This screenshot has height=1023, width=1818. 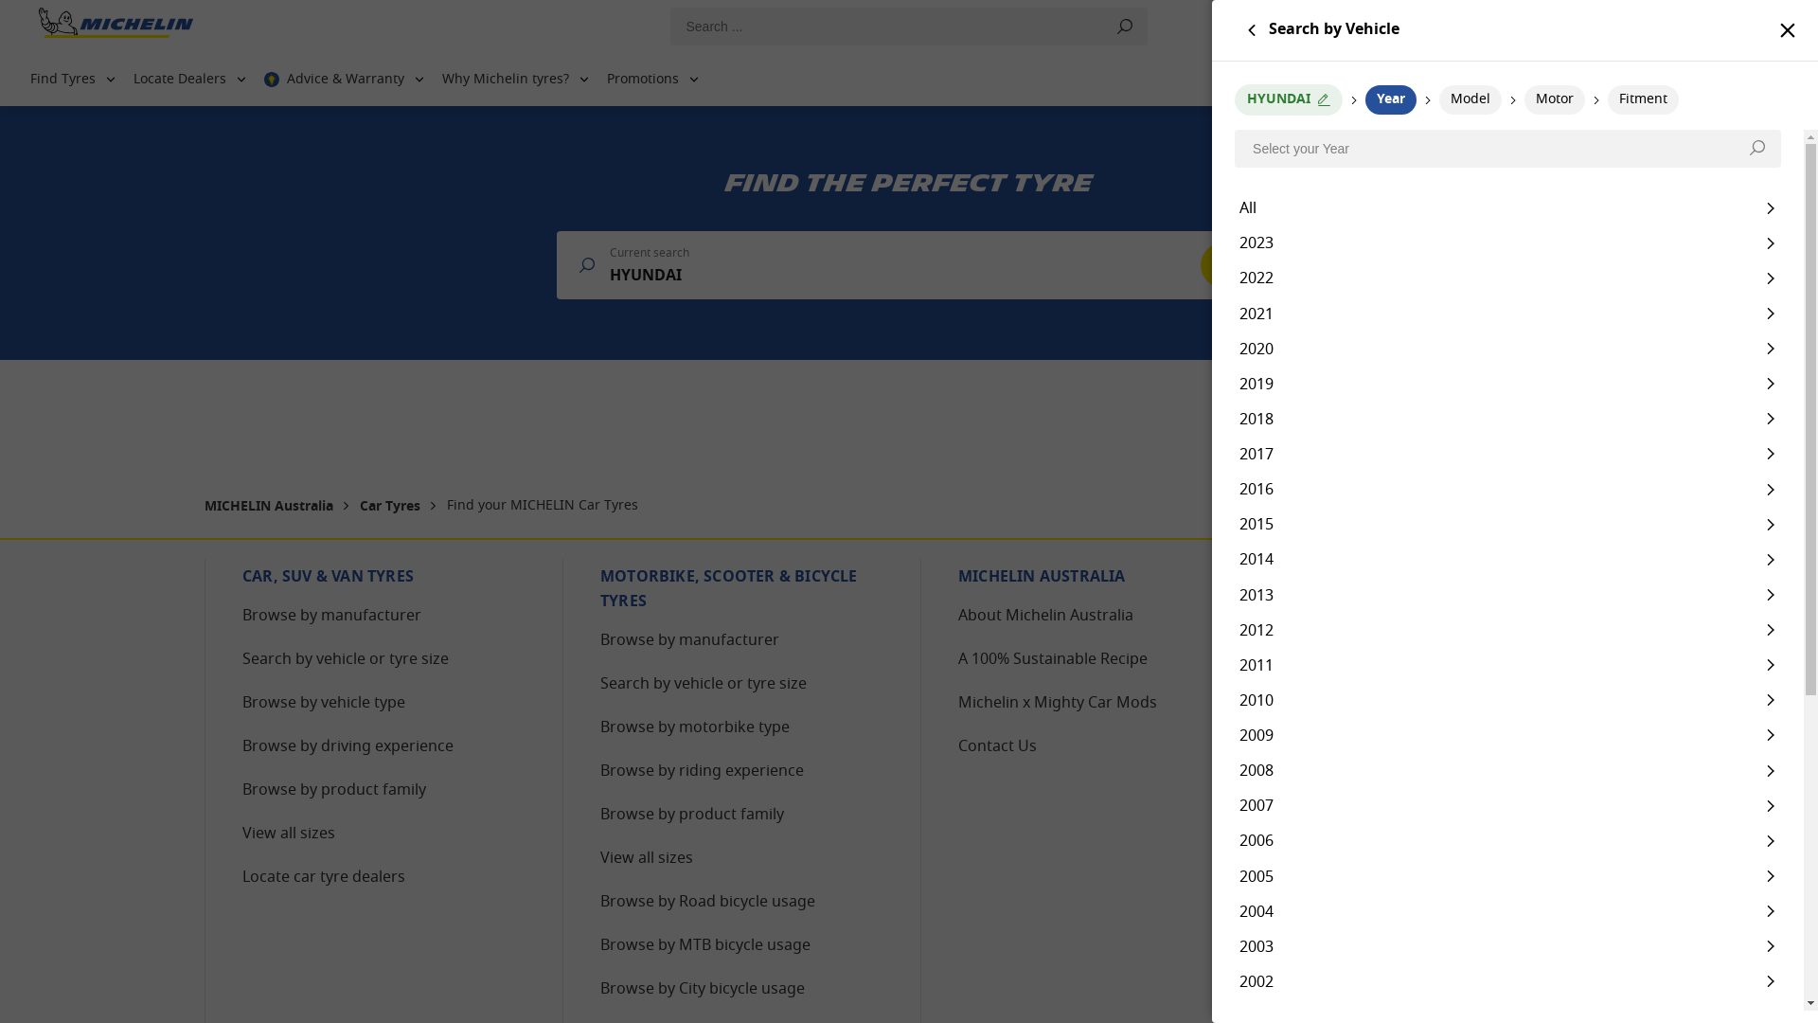 I want to click on 'Motor', so click(x=1524, y=99).